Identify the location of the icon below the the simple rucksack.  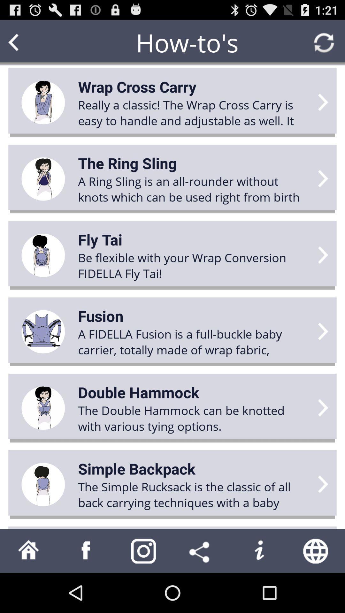
(144, 550).